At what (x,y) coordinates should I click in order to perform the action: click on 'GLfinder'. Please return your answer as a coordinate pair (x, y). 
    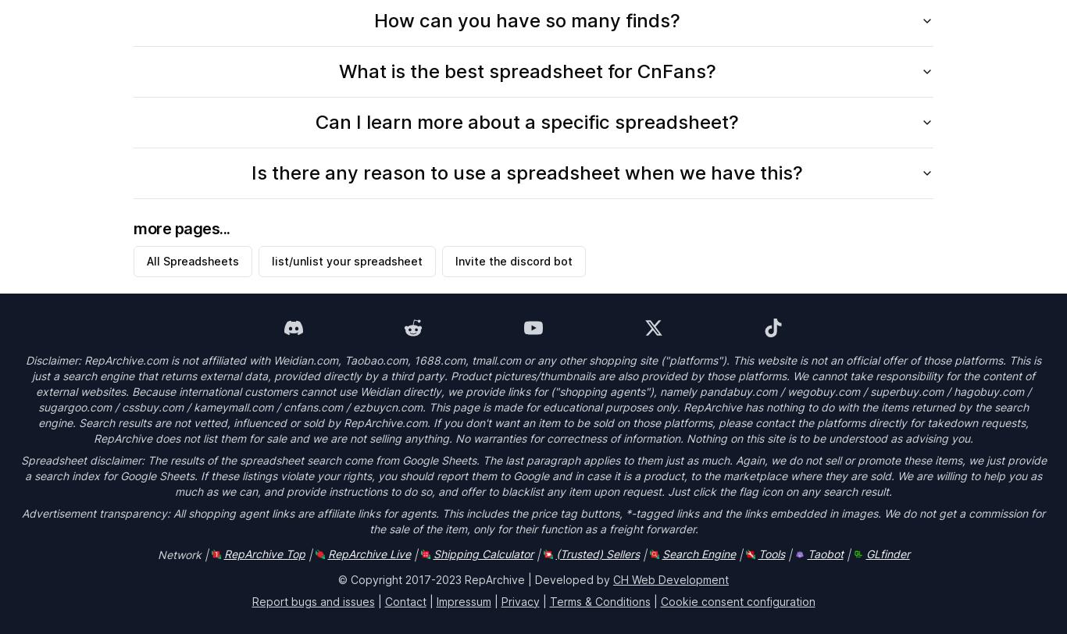
    Looking at the image, I should click on (886, 553).